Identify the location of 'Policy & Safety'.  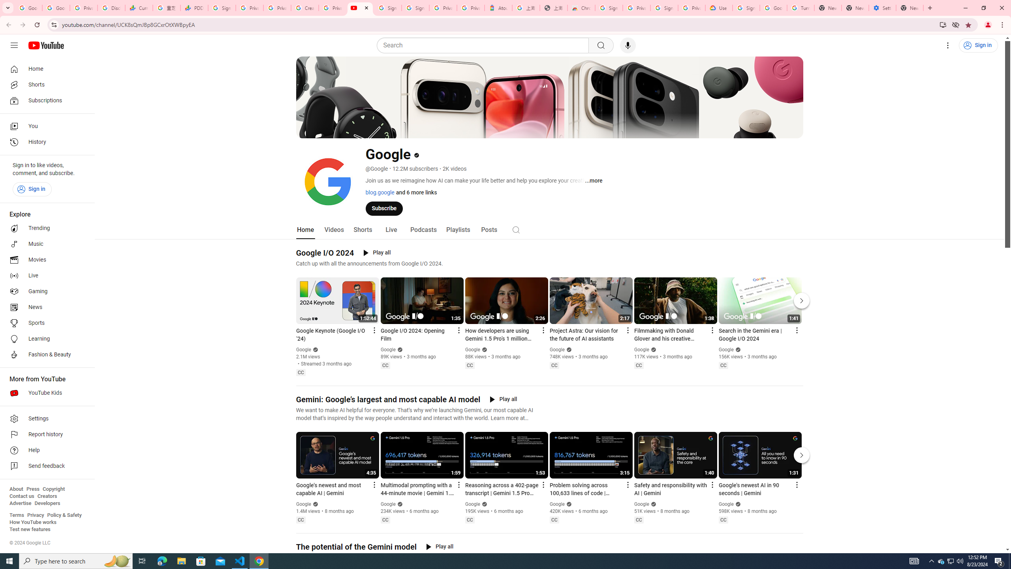
(64, 514).